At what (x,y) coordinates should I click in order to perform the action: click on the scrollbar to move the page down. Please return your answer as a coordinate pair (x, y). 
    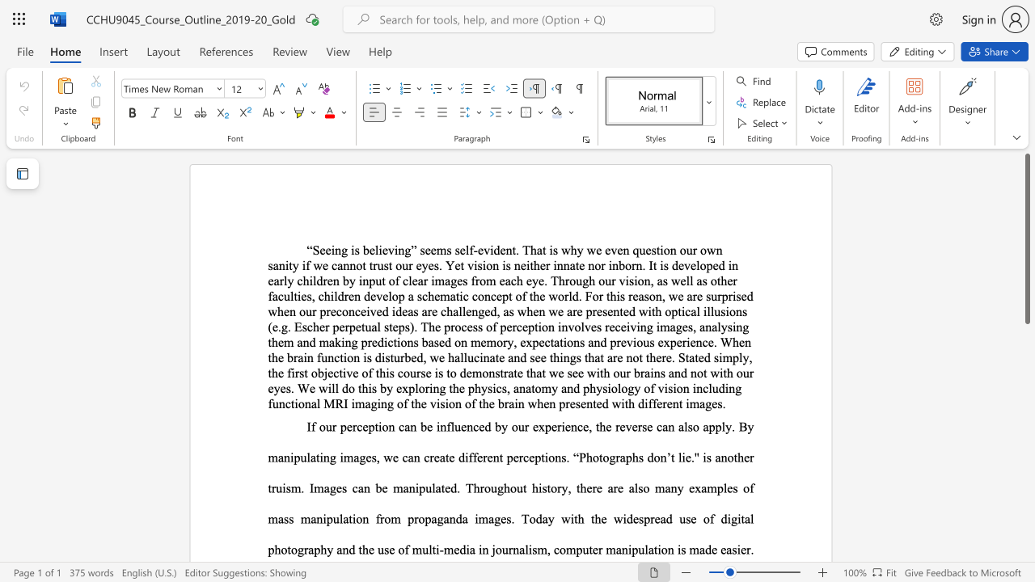
    Looking at the image, I should click on (1026, 380).